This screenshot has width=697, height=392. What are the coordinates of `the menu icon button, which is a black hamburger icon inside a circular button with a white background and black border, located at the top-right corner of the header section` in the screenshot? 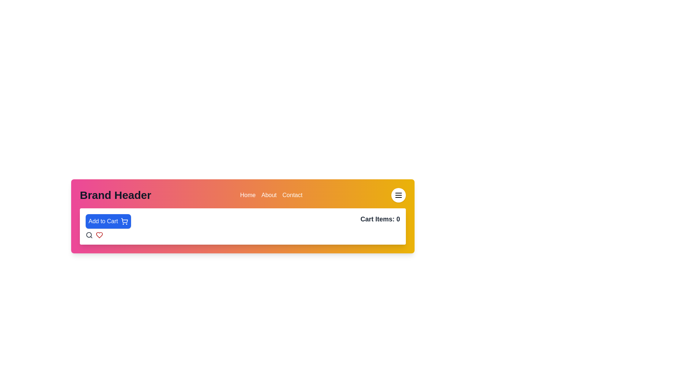 It's located at (398, 195).